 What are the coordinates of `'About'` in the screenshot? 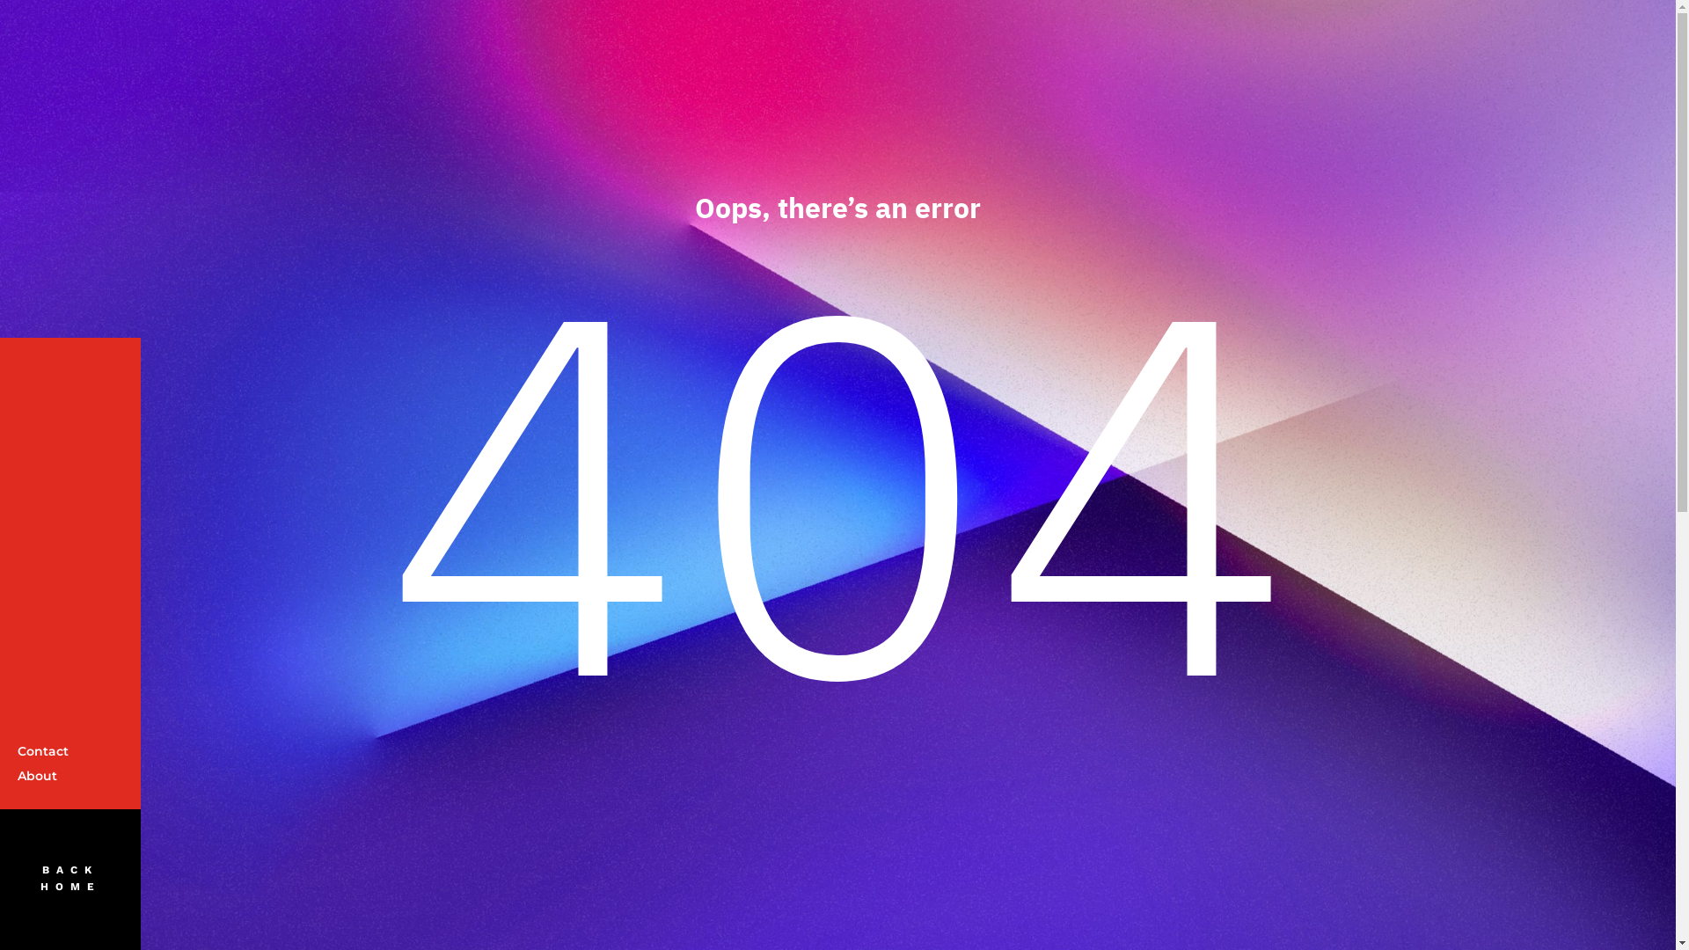 It's located at (37, 775).